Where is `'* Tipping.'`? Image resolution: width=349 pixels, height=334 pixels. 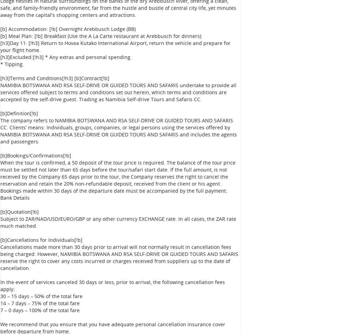 '* Tipping.' is located at coordinates (12, 64).